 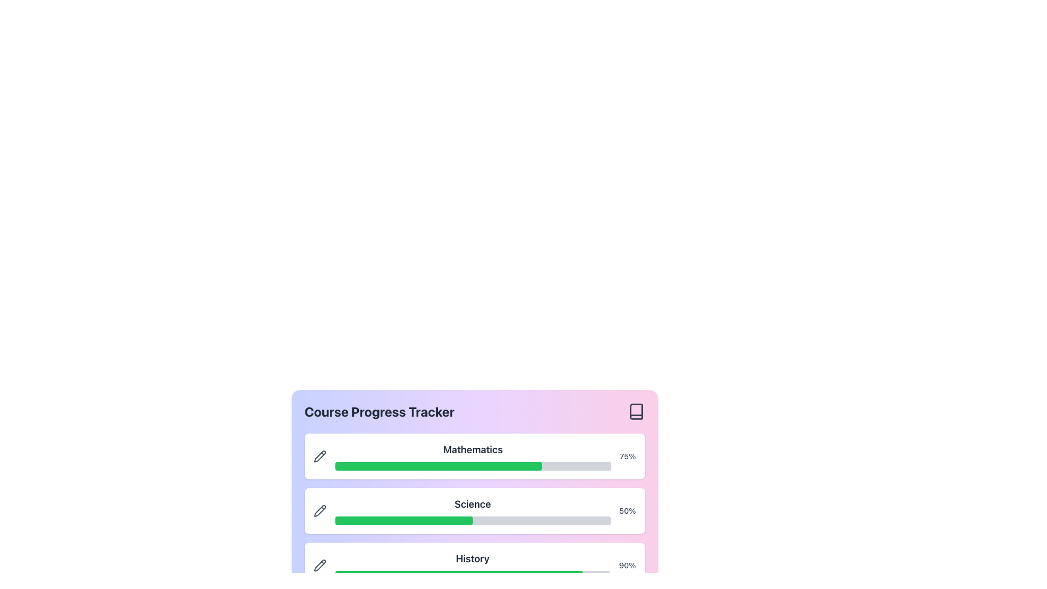 What do you see at coordinates (472, 565) in the screenshot?
I see `the 'History' title in the Progress Tracker` at bounding box center [472, 565].